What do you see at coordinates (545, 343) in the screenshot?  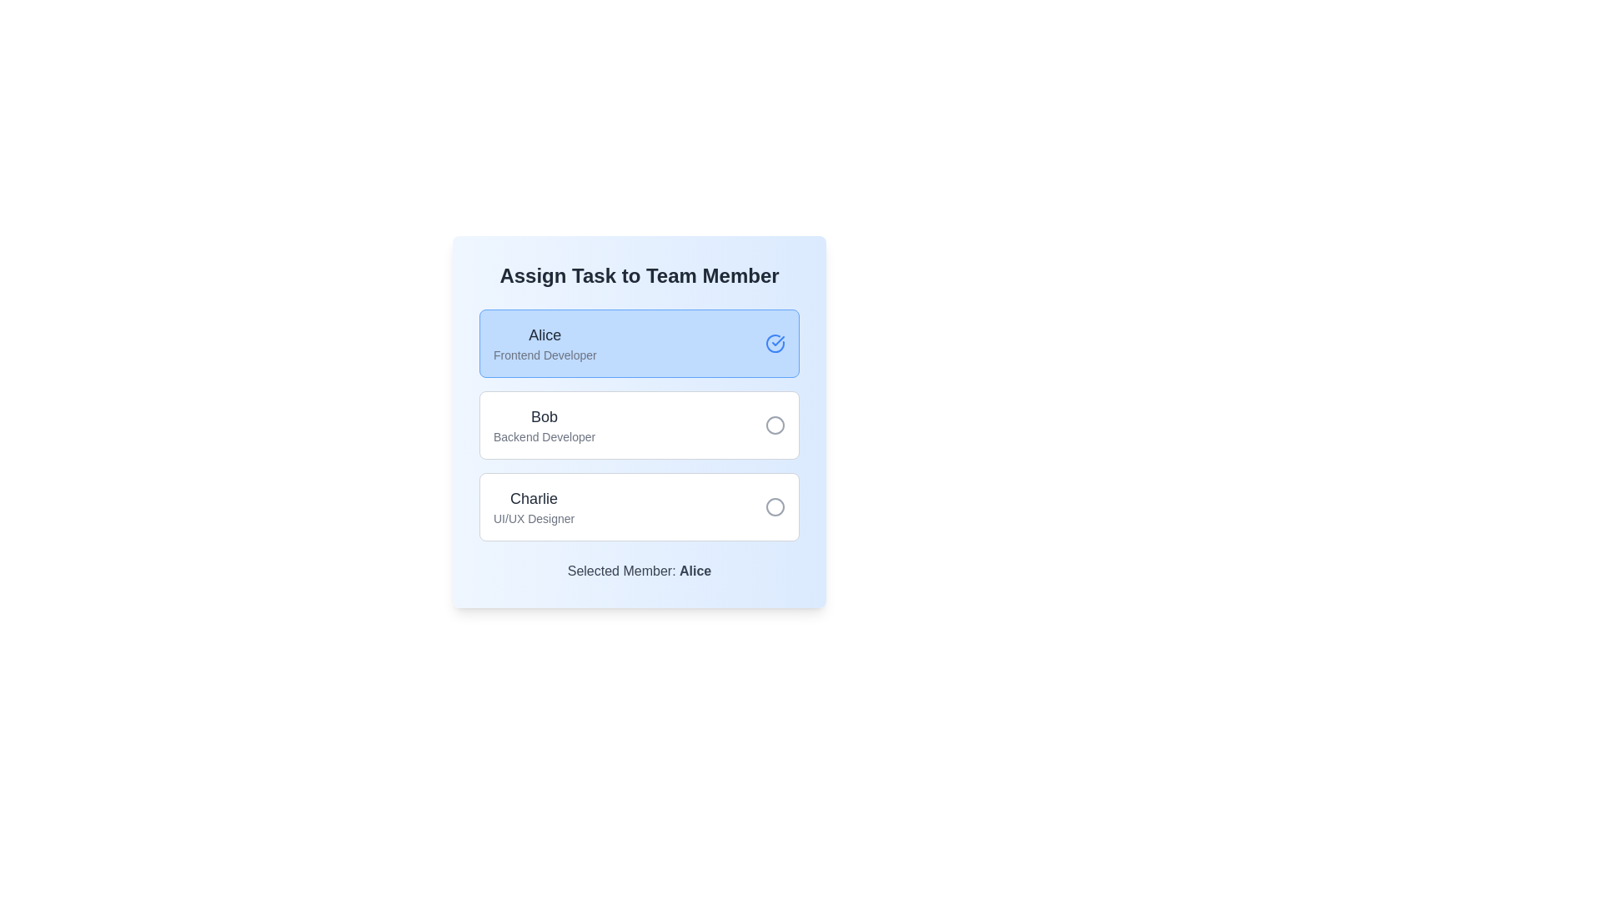 I see `the first entry in the team member list, which is displayed within a light blue rounded rectangular button under the 'Assign Task to Team Member' heading` at bounding box center [545, 343].